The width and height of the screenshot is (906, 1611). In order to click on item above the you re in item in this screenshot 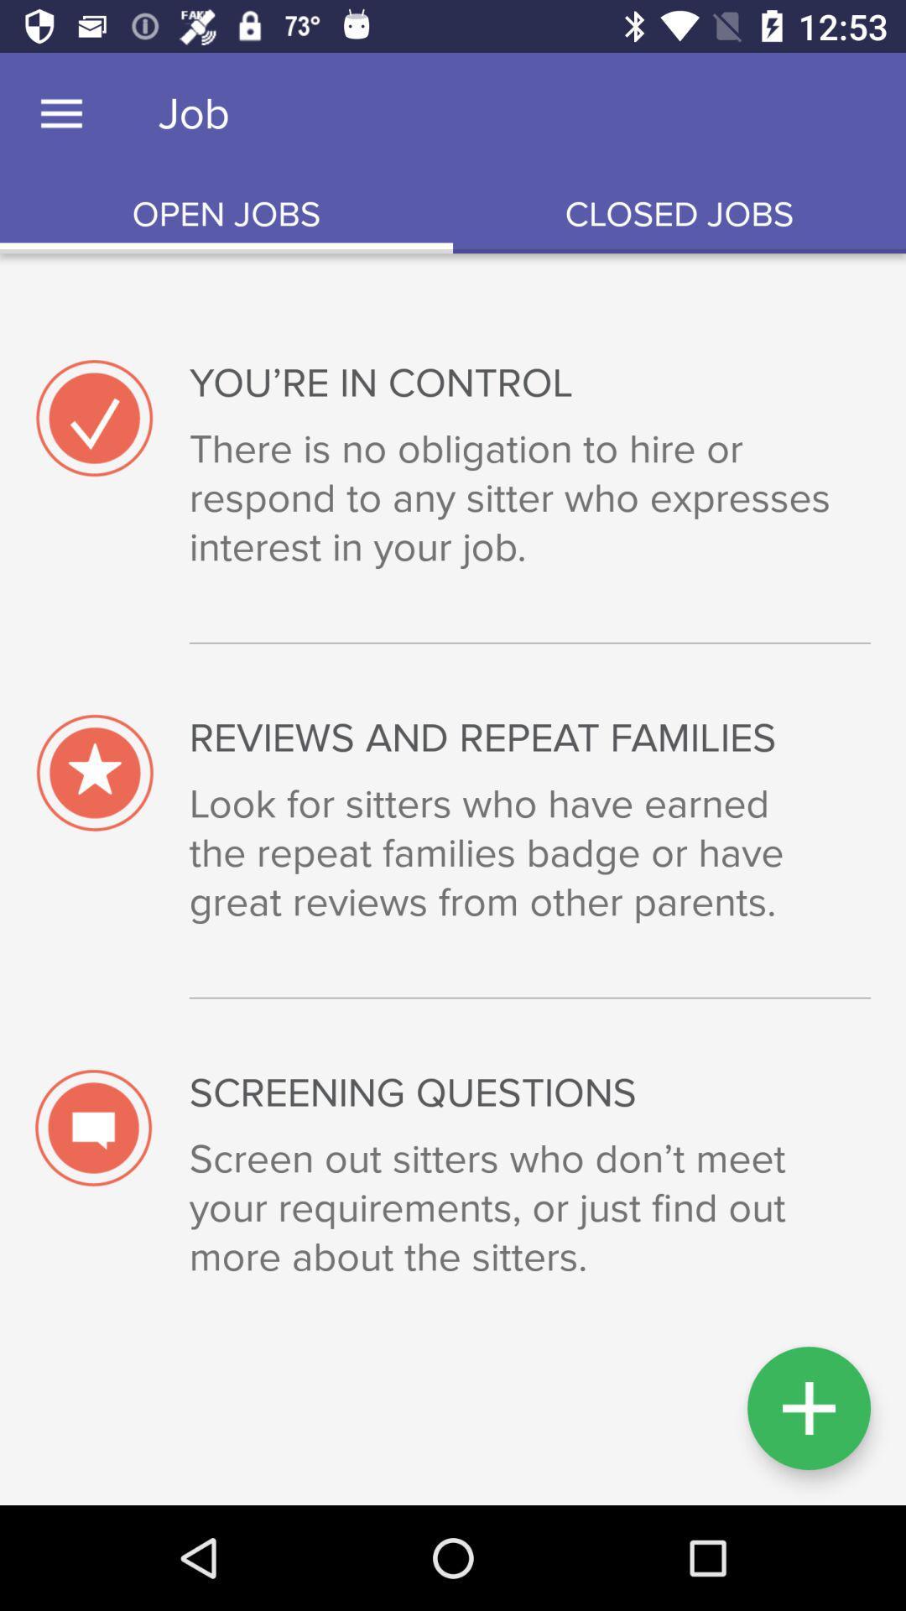, I will do `click(679, 214)`.